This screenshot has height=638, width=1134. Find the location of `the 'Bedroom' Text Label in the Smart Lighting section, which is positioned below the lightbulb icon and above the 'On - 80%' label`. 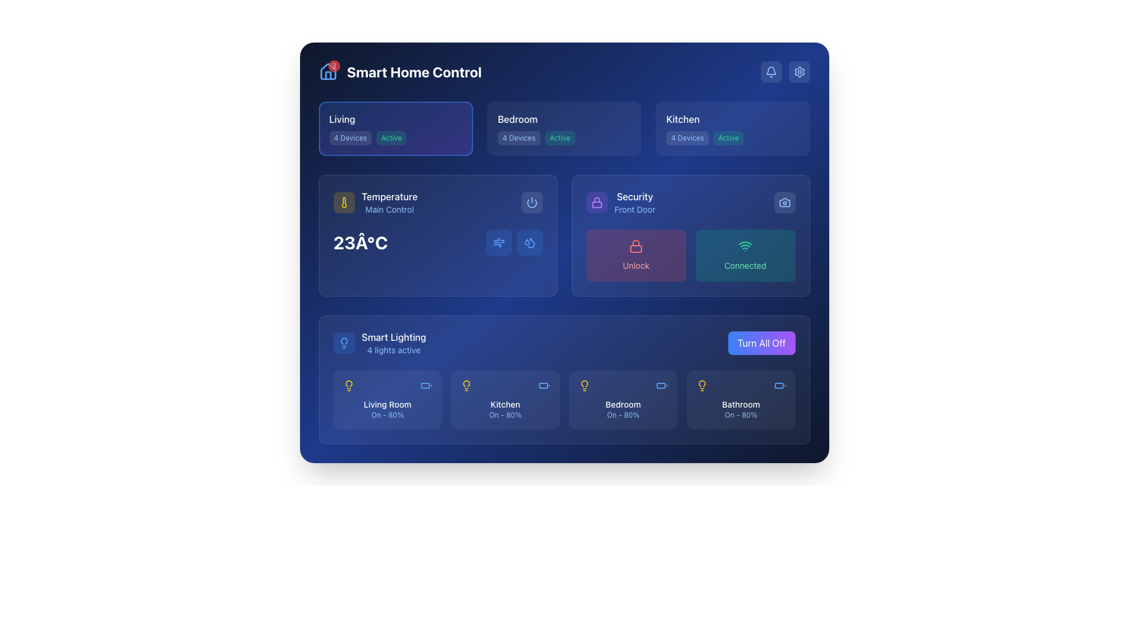

the 'Bedroom' Text Label in the Smart Lighting section, which is positioned below the lightbulb icon and above the 'On - 80%' label is located at coordinates (623, 404).